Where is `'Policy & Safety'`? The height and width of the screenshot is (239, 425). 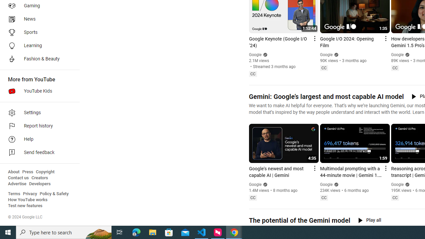
'Policy & Safety' is located at coordinates (54, 194).